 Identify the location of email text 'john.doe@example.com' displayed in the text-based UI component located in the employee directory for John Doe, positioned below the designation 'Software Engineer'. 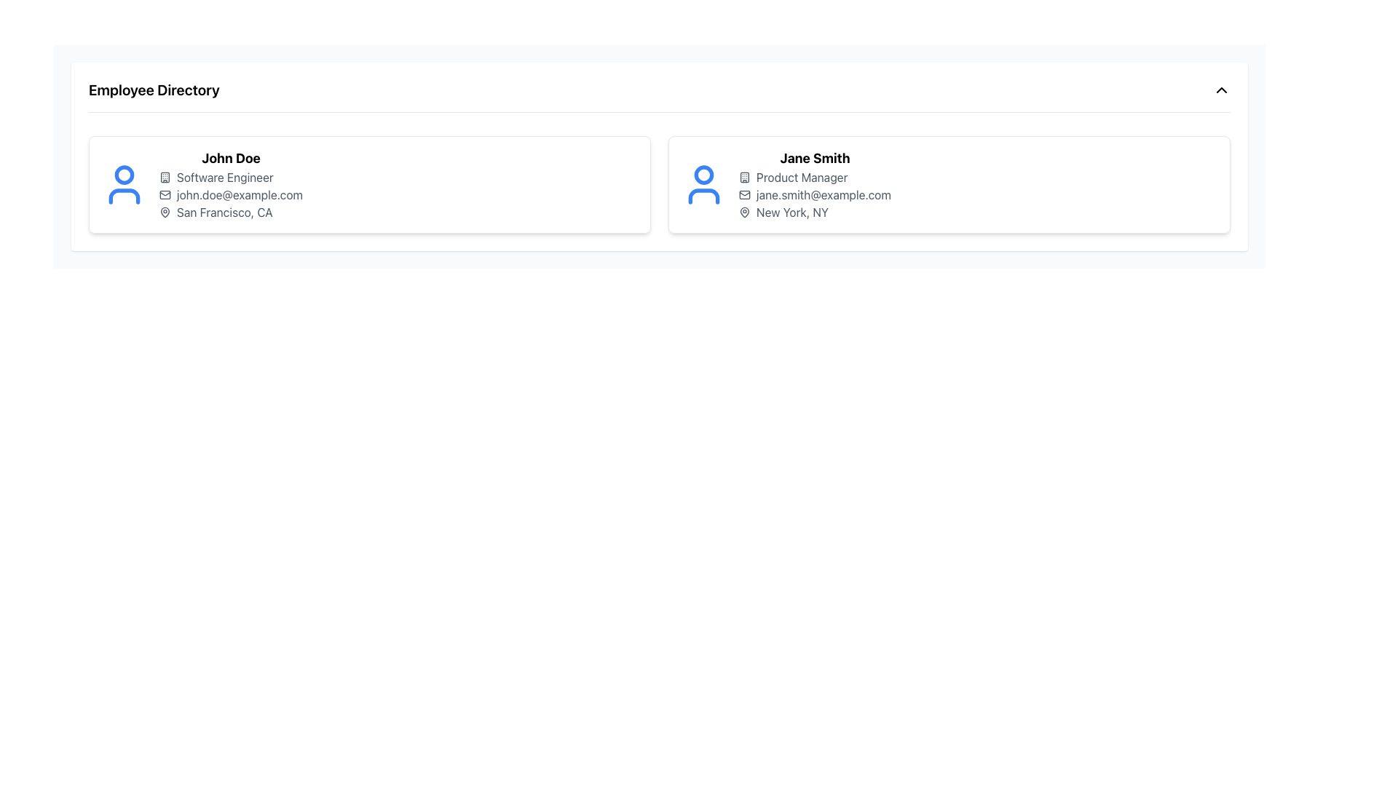
(230, 194).